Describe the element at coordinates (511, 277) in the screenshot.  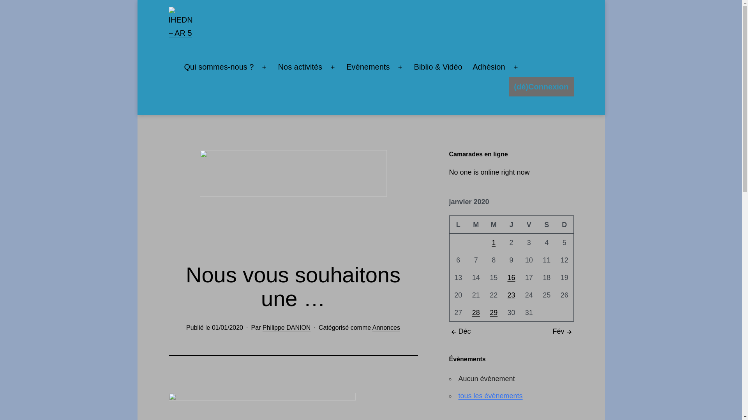
I see `'16'` at that location.